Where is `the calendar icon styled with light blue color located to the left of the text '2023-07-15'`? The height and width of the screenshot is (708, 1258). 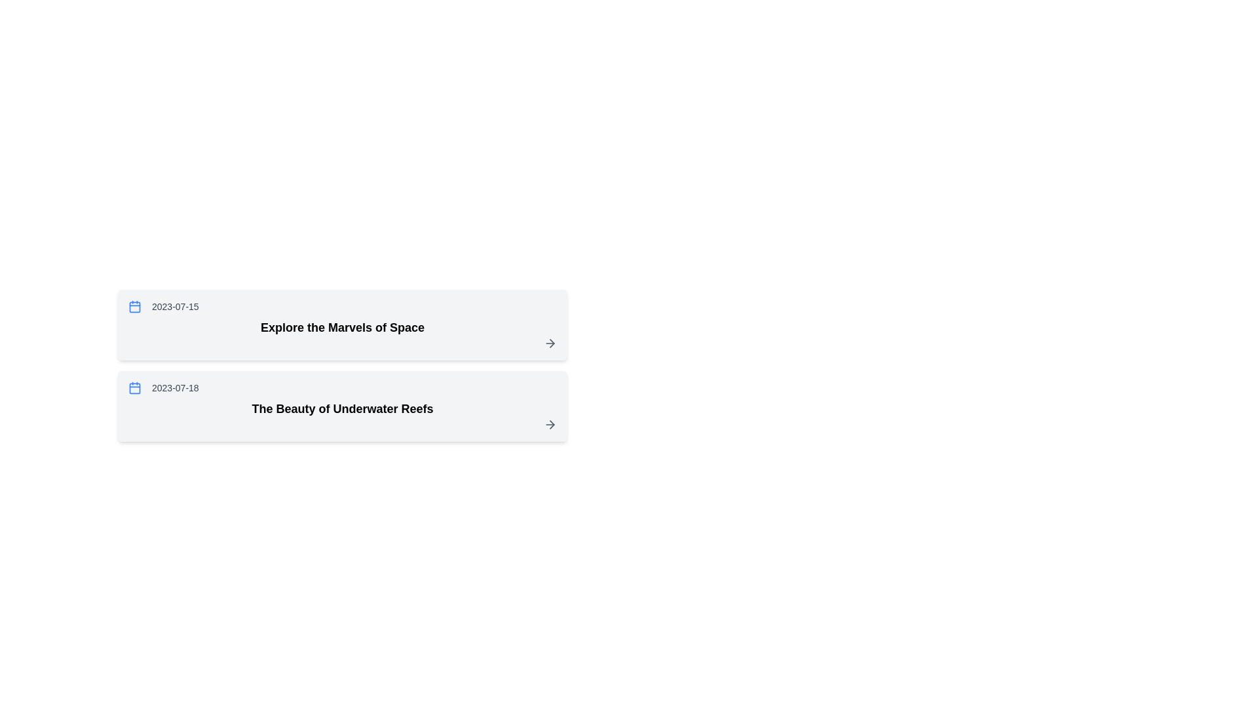 the calendar icon styled with light blue color located to the left of the text '2023-07-15' is located at coordinates (135, 306).